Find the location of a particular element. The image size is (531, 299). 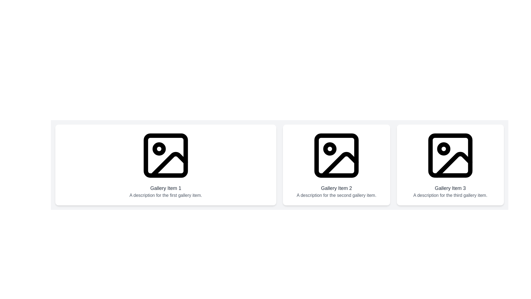

the black outlined icon resembling a stylized image representation with a circular indicator and a diagonal line, located in the center of the 'Gallery Item 2' section is located at coordinates (336, 156).